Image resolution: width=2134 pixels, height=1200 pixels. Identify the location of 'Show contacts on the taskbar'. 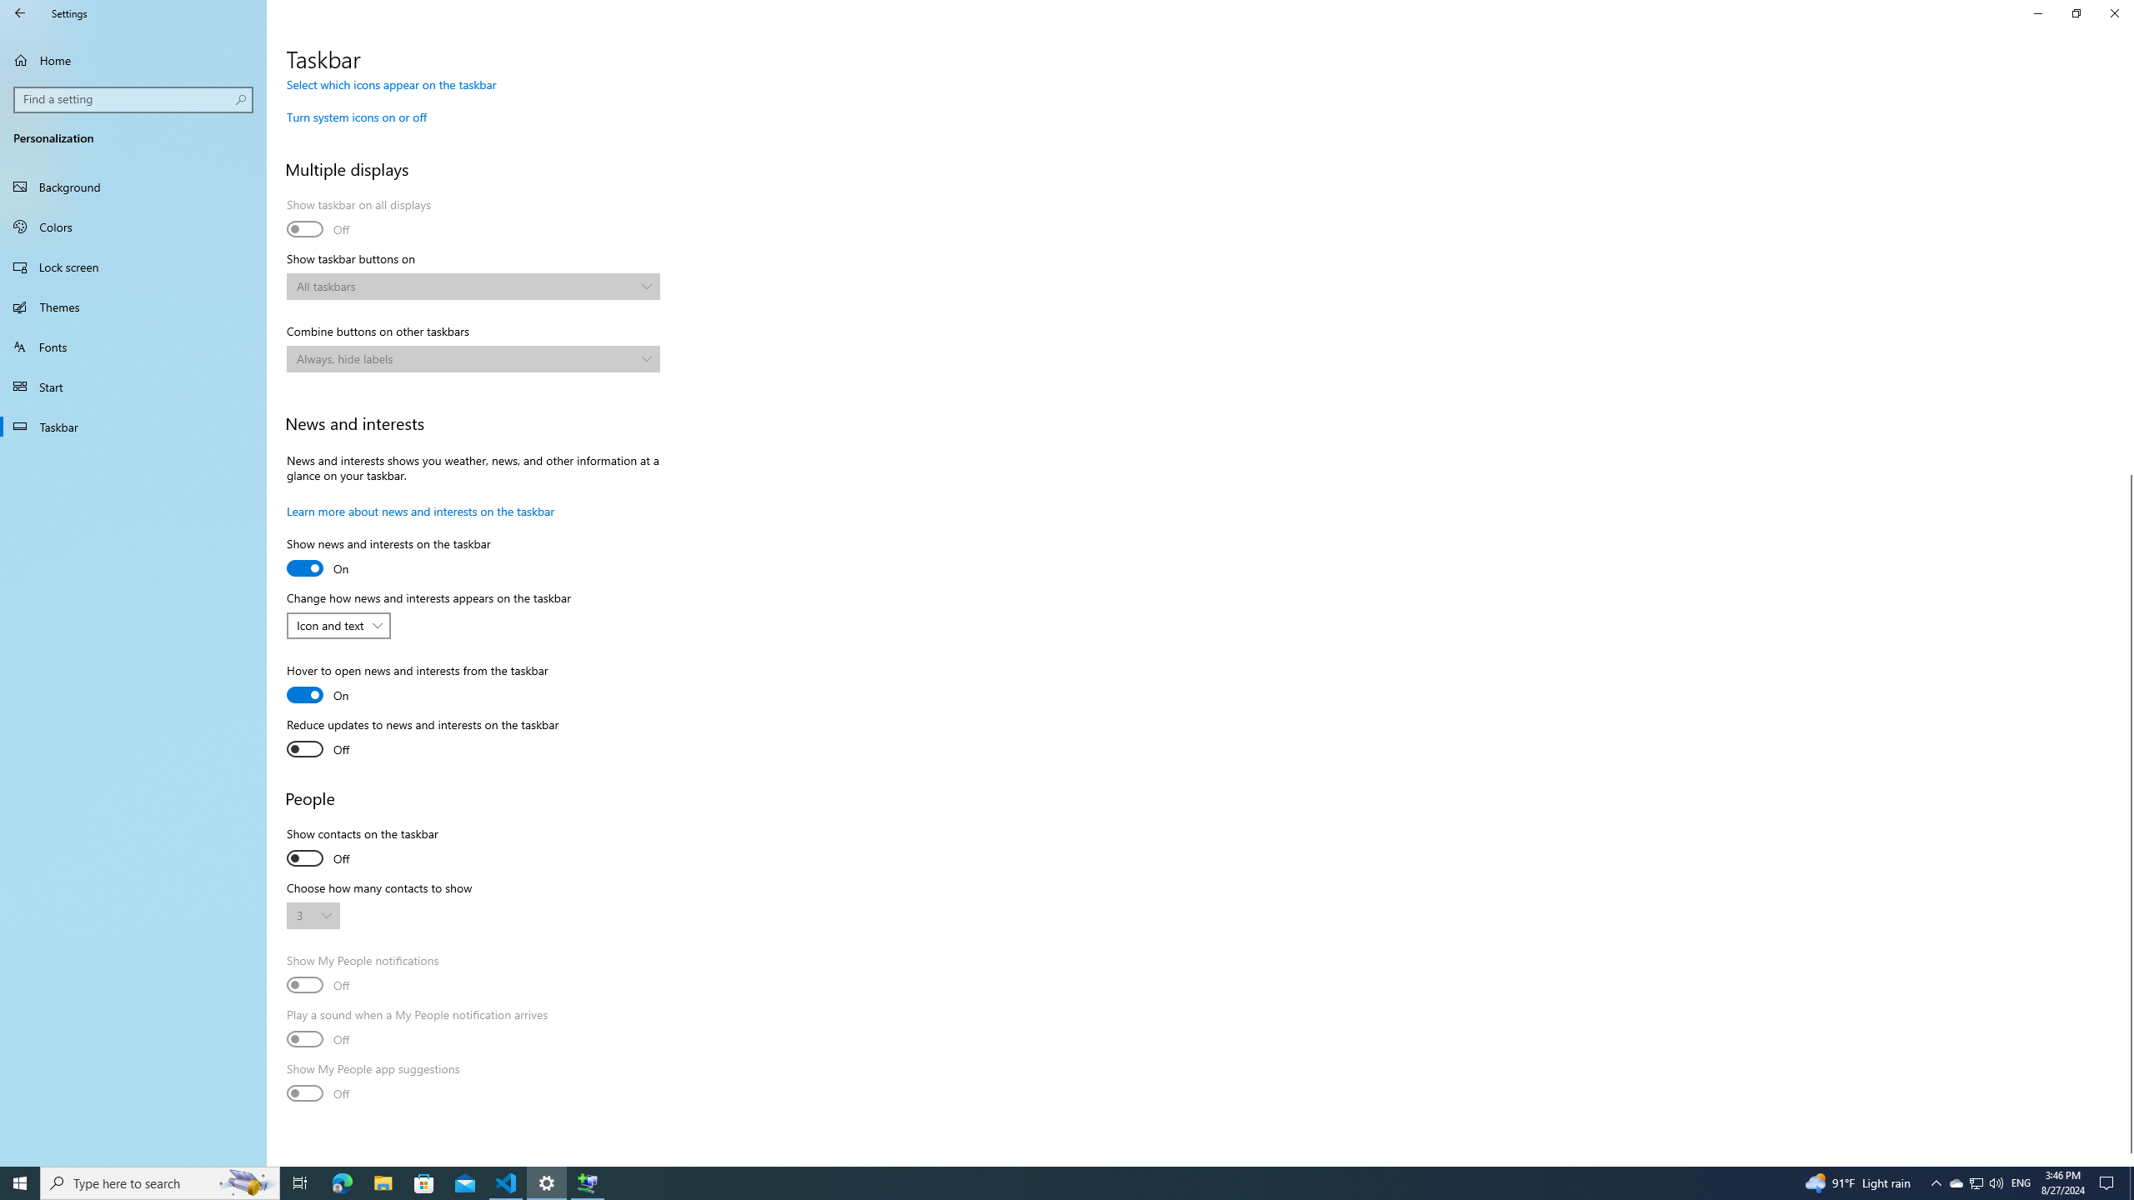
(360, 848).